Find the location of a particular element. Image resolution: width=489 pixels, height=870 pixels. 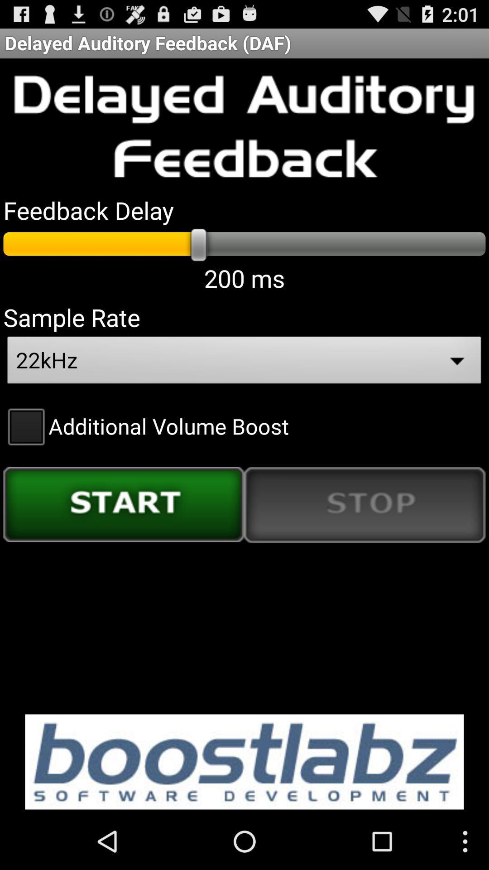

the app below the 22khz app is located at coordinates (145, 425).